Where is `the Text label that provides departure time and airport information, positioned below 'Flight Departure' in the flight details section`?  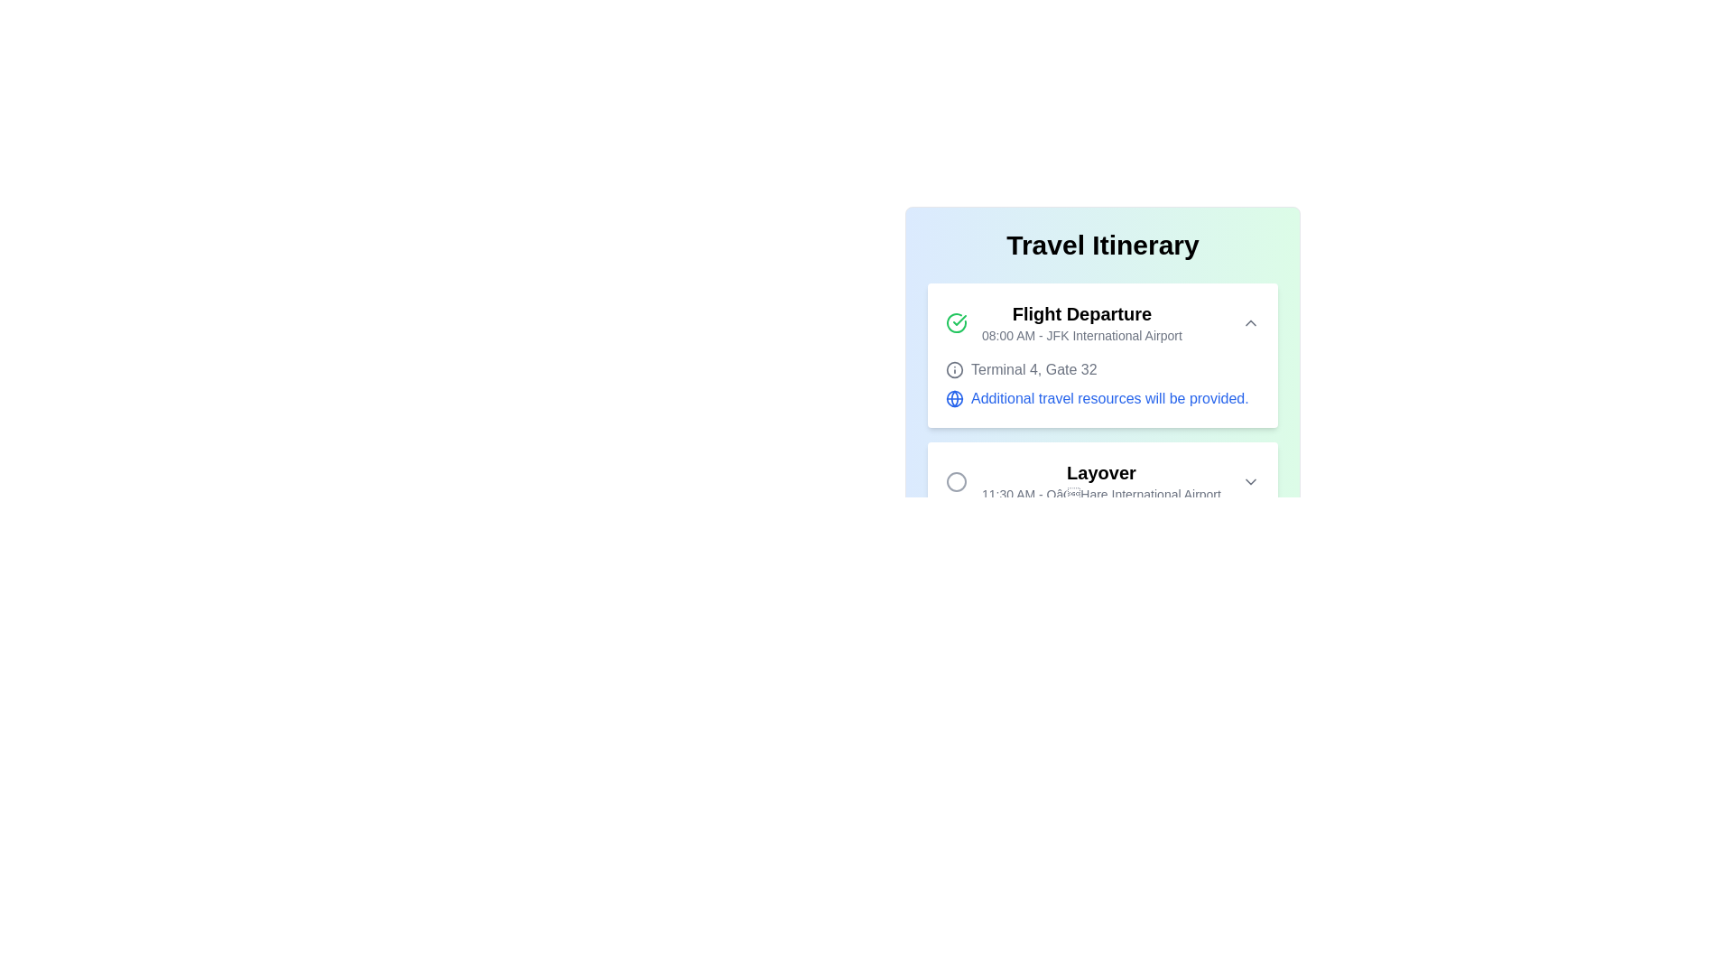 the Text label that provides departure time and airport information, positioned below 'Flight Departure' in the flight details section is located at coordinates (1081, 335).